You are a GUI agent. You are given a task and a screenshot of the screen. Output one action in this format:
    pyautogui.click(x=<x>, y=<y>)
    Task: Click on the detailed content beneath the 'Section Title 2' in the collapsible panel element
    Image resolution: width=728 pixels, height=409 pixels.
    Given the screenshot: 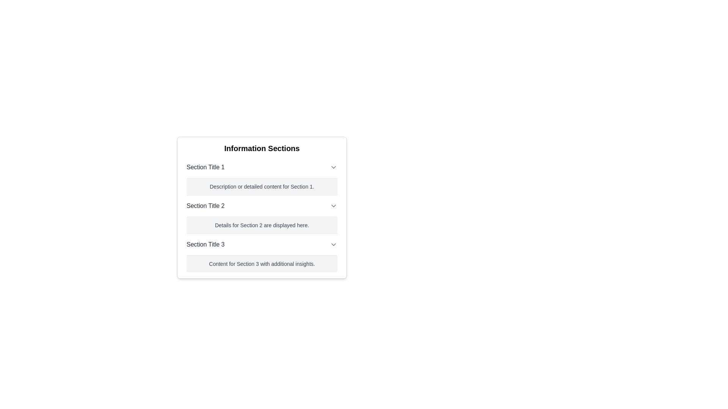 What is the action you would take?
    pyautogui.click(x=262, y=214)
    